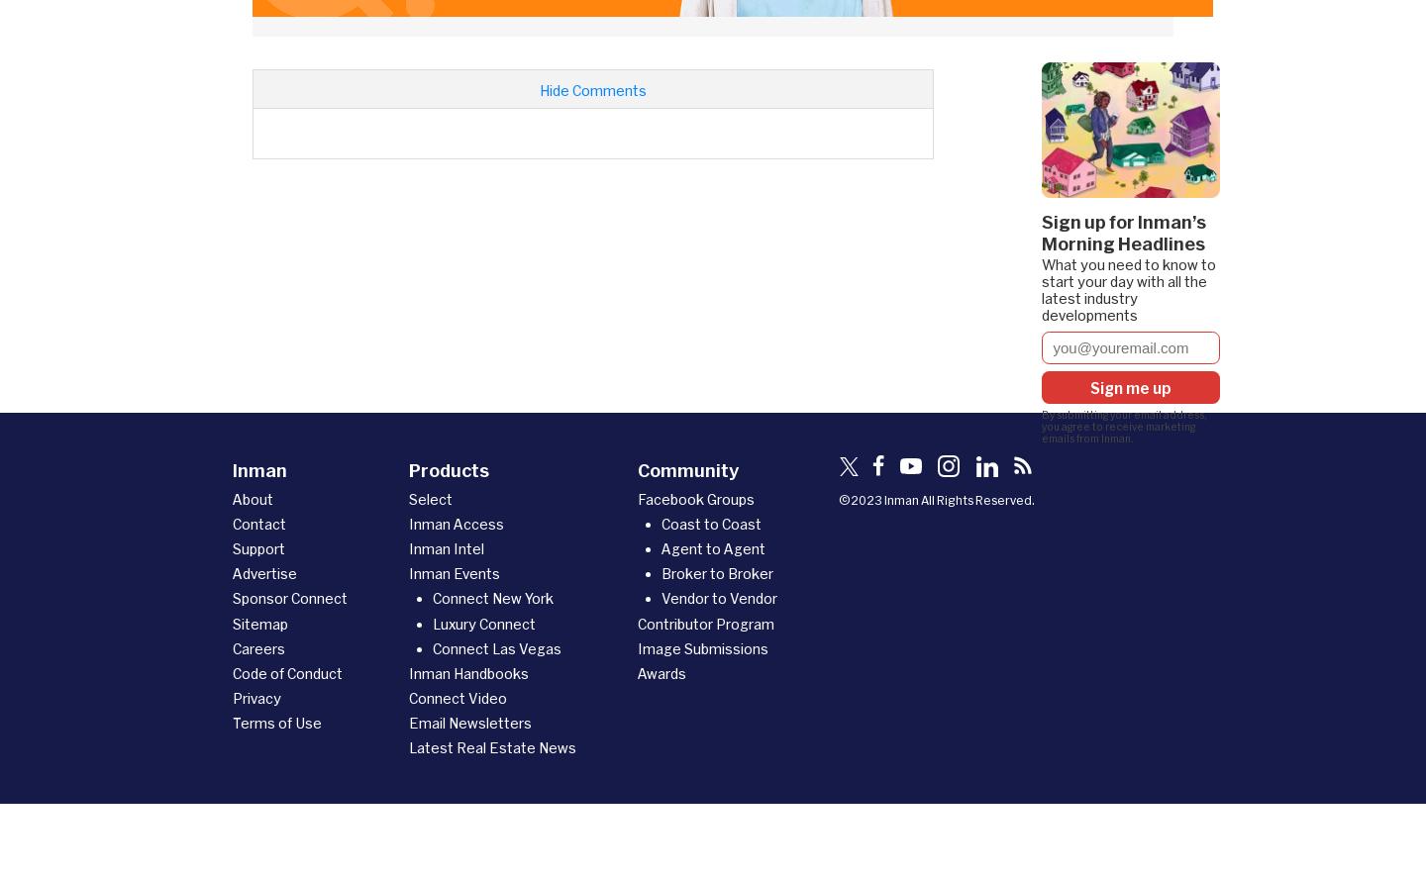 Image resolution: width=1426 pixels, height=878 pixels. What do you see at coordinates (458, 698) in the screenshot?
I see `'Connect Video'` at bounding box center [458, 698].